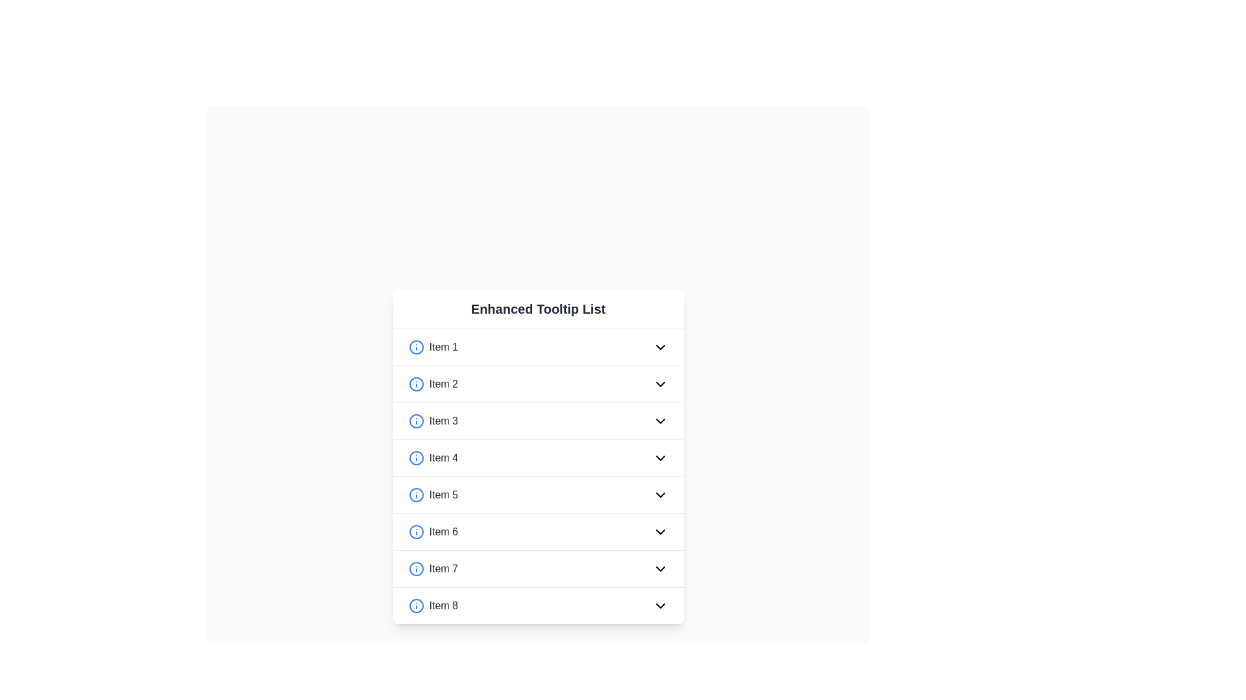  What do you see at coordinates (416, 347) in the screenshot?
I see `the circular outline graphical element with a blue stroke and no fill, which serves as the frame of the first item in the list next to 'Item 1'` at bounding box center [416, 347].